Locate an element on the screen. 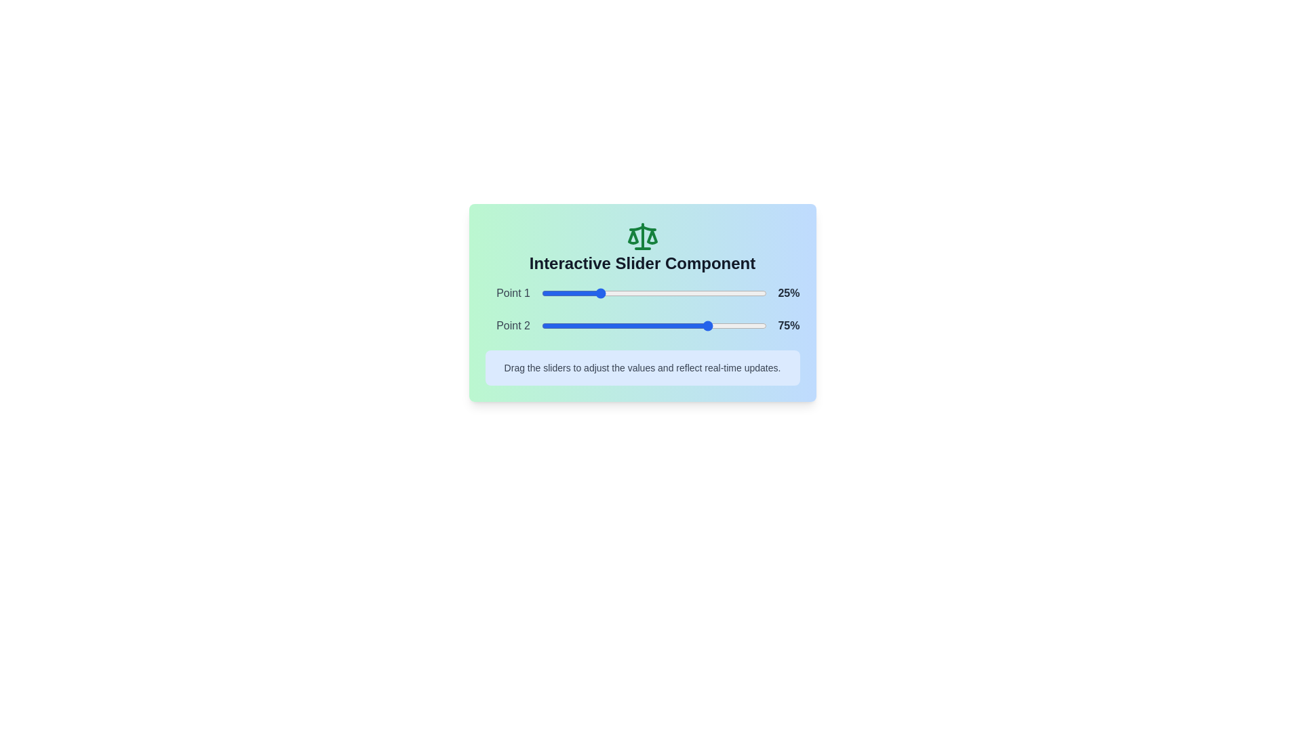 Image resolution: width=1302 pixels, height=732 pixels. the slider to set its value to 66% is located at coordinates (690, 292).